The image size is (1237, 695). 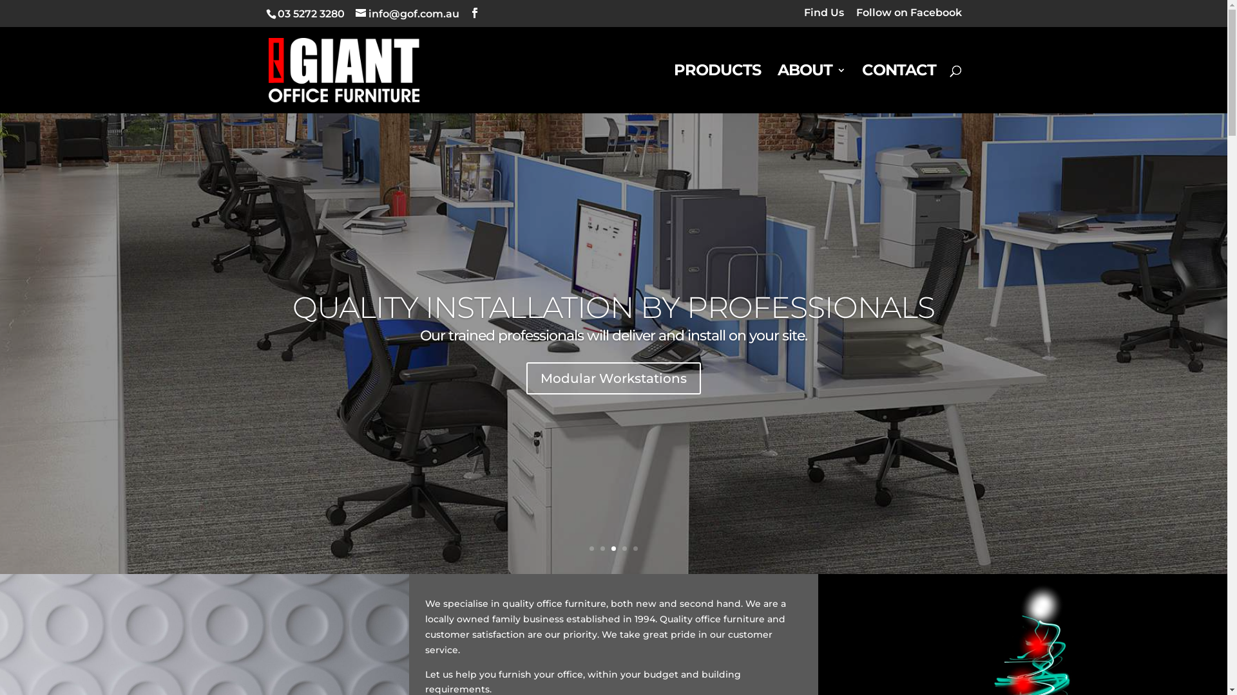 What do you see at coordinates (591, 548) in the screenshot?
I see `'1'` at bounding box center [591, 548].